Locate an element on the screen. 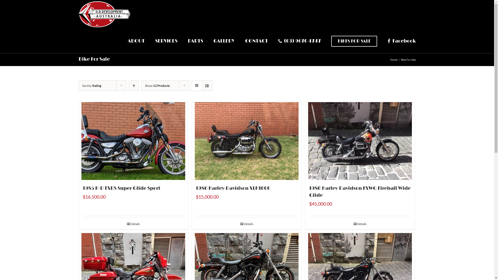  'SERVICES' is located at coordinates (166, 40).